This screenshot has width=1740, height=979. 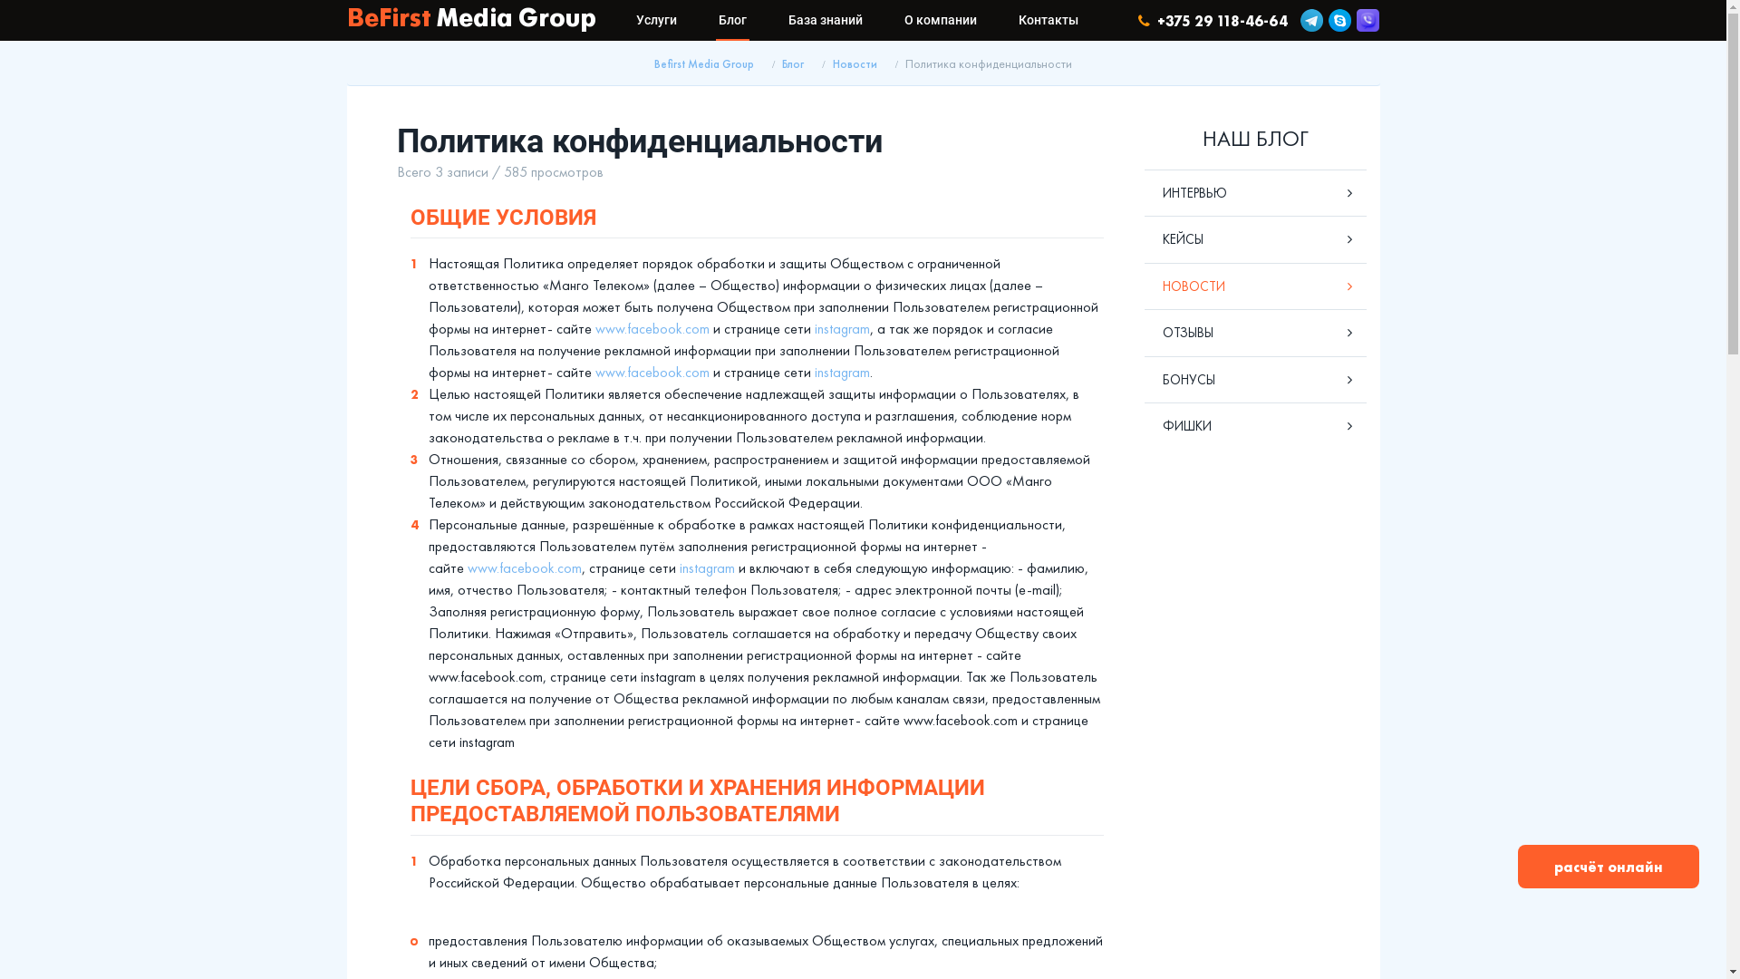 What do you see at coordinates (652, 328) in the screenshot?
I see `'www.facebook.com'` at bounding box center [652, 328].